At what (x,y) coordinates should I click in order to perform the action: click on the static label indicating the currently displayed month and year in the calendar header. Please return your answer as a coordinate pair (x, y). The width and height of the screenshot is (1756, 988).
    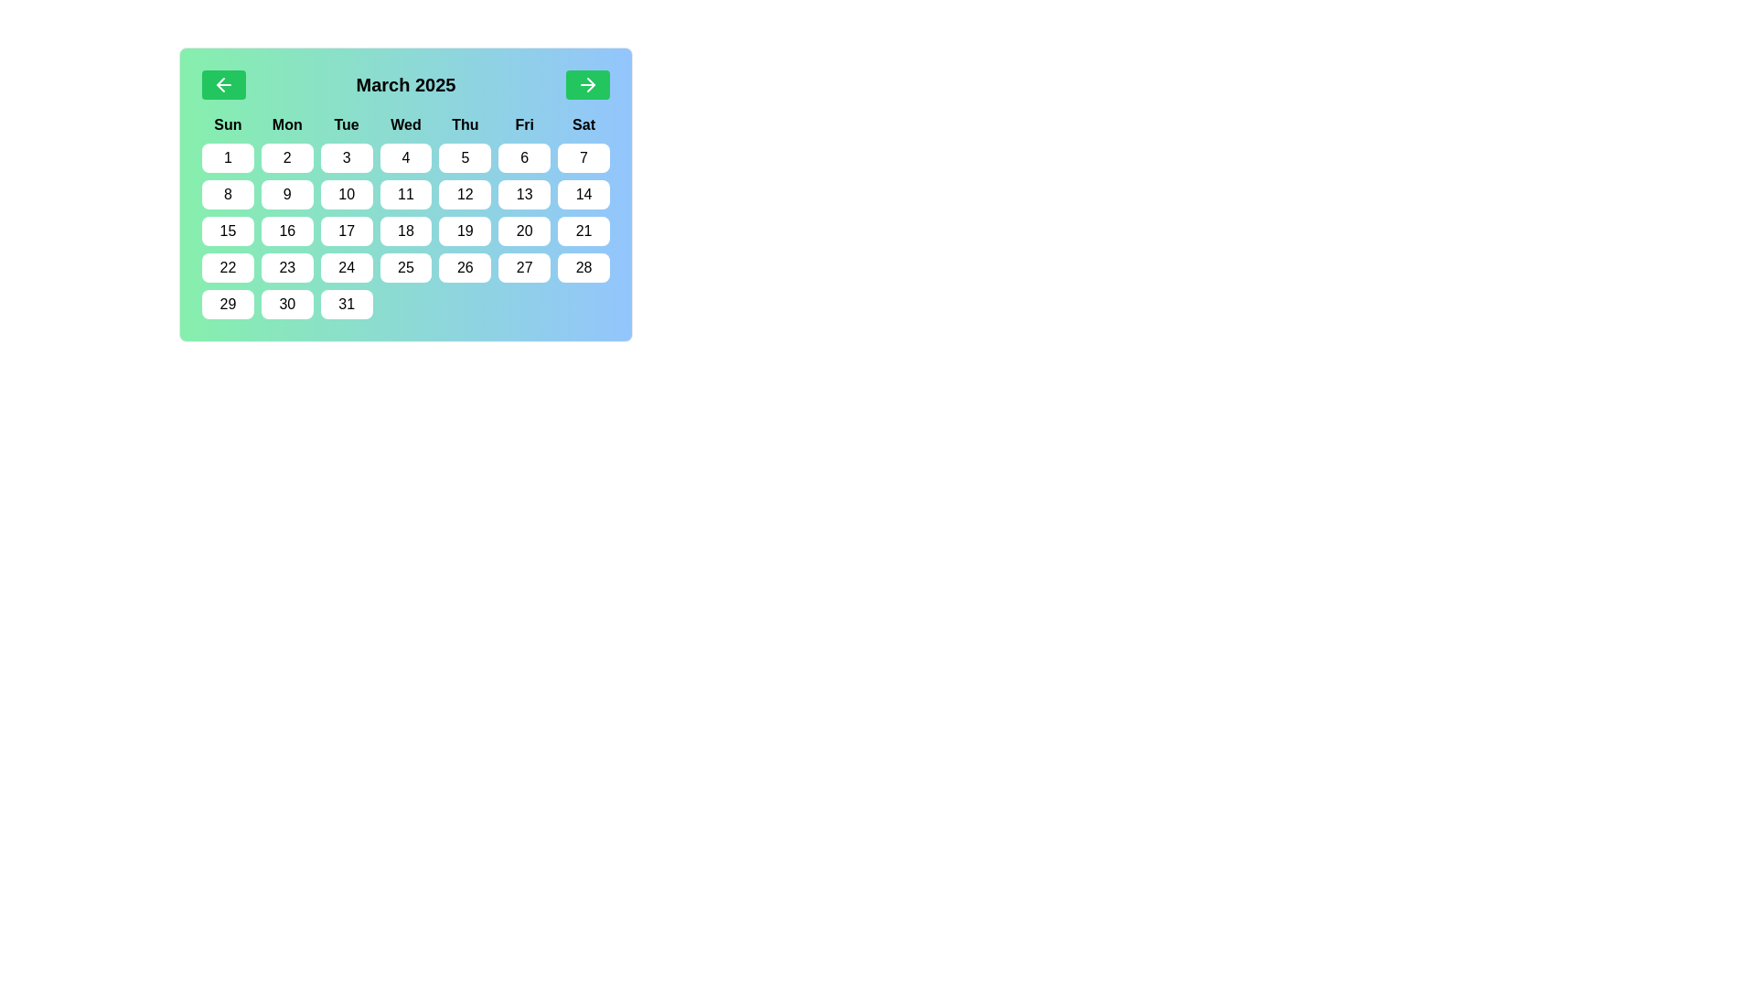
    Looking at the image, I should click on (405, 84).